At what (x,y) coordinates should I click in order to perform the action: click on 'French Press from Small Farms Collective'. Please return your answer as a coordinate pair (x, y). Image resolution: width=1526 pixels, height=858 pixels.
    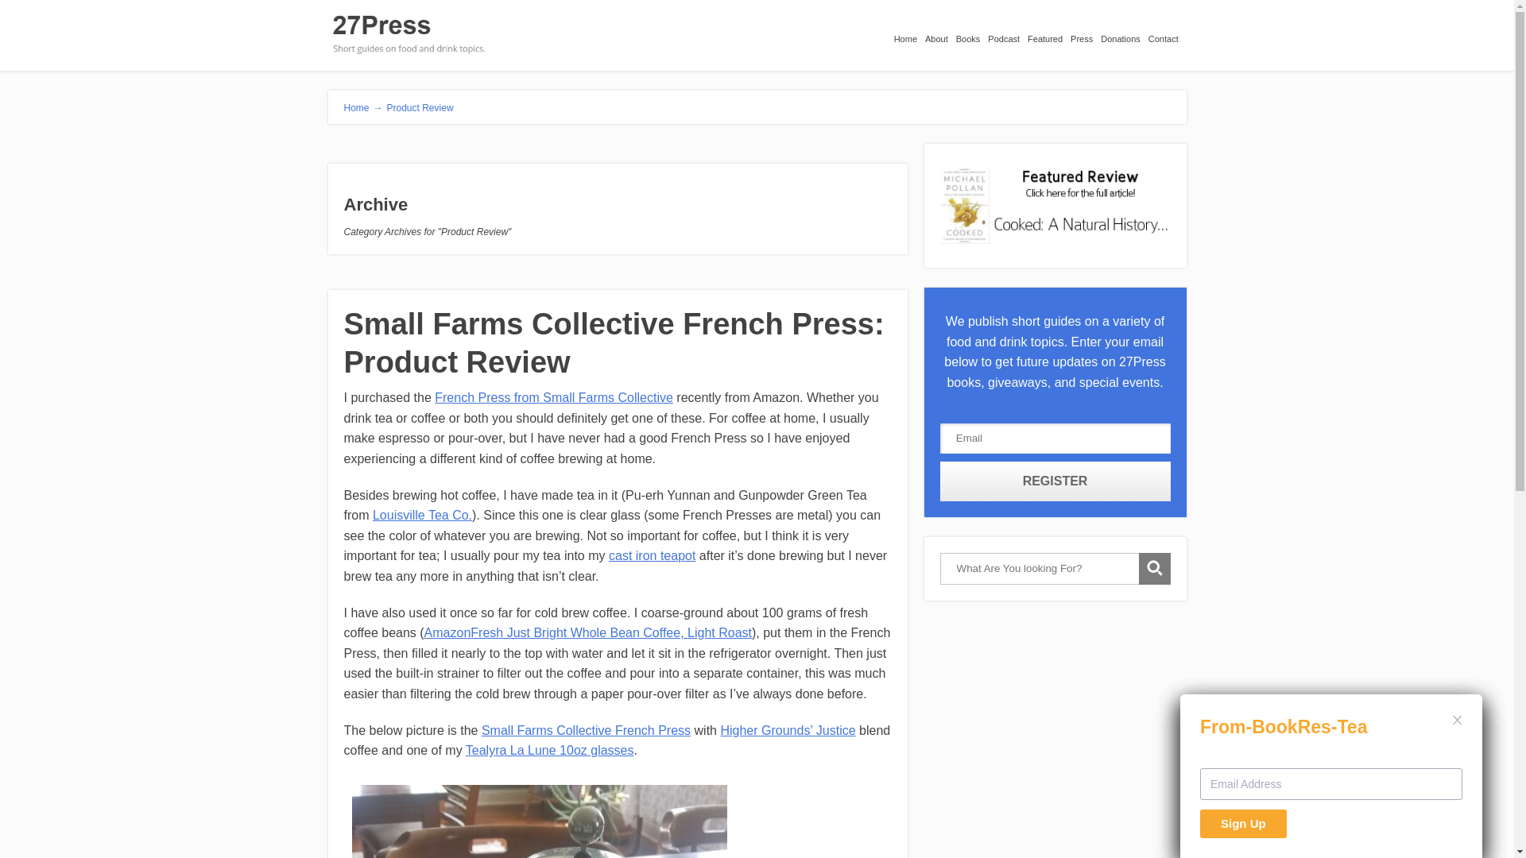
    Looking at the image, I should click on (553, 396).